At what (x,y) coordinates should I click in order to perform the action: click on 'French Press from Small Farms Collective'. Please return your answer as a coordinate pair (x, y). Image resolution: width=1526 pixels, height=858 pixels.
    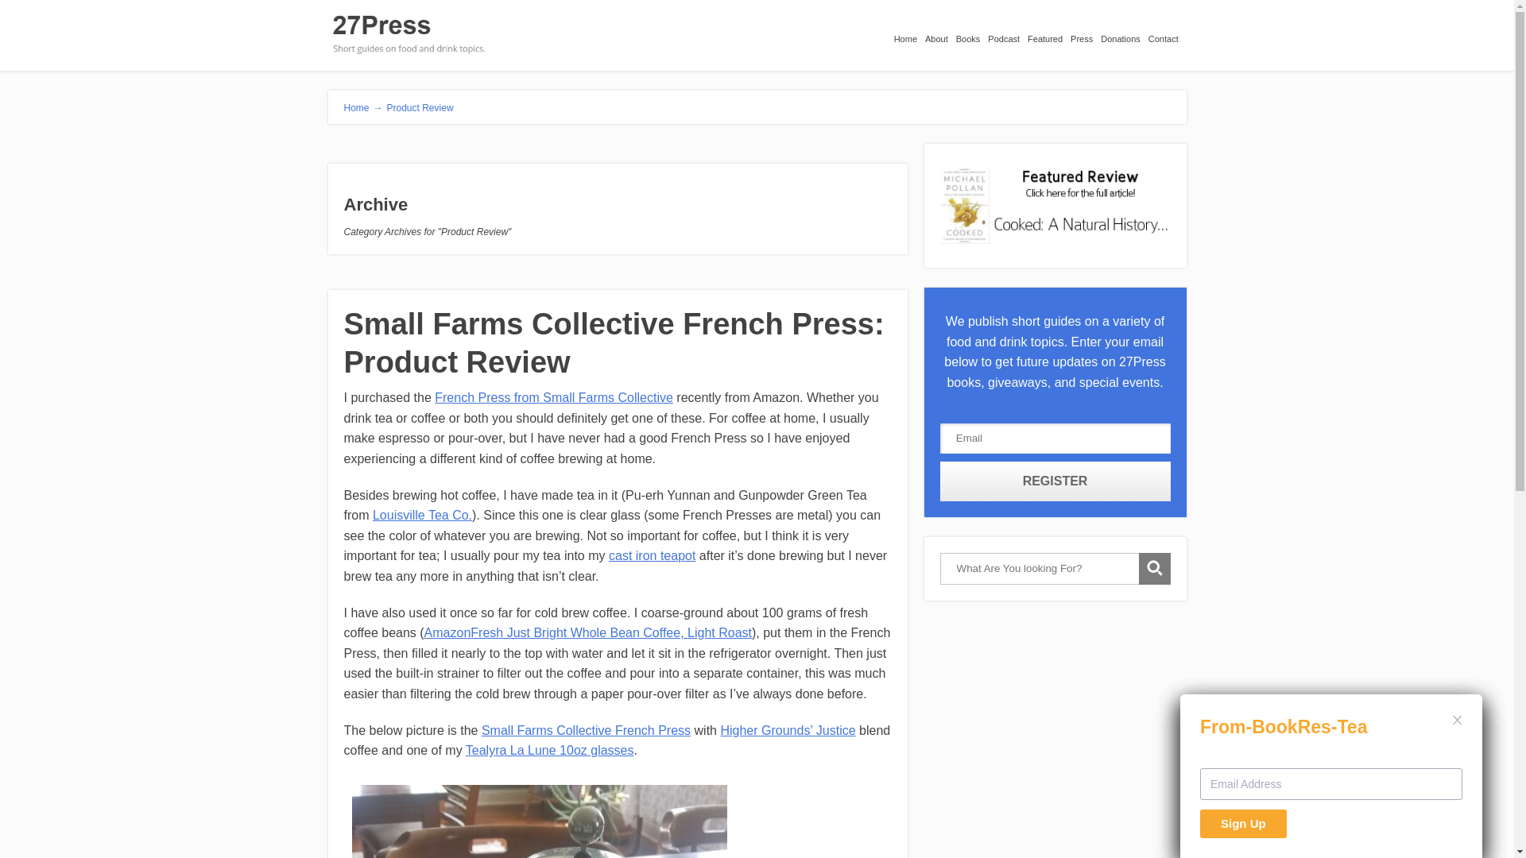
    Looking at the image, I should click on (553, 396).